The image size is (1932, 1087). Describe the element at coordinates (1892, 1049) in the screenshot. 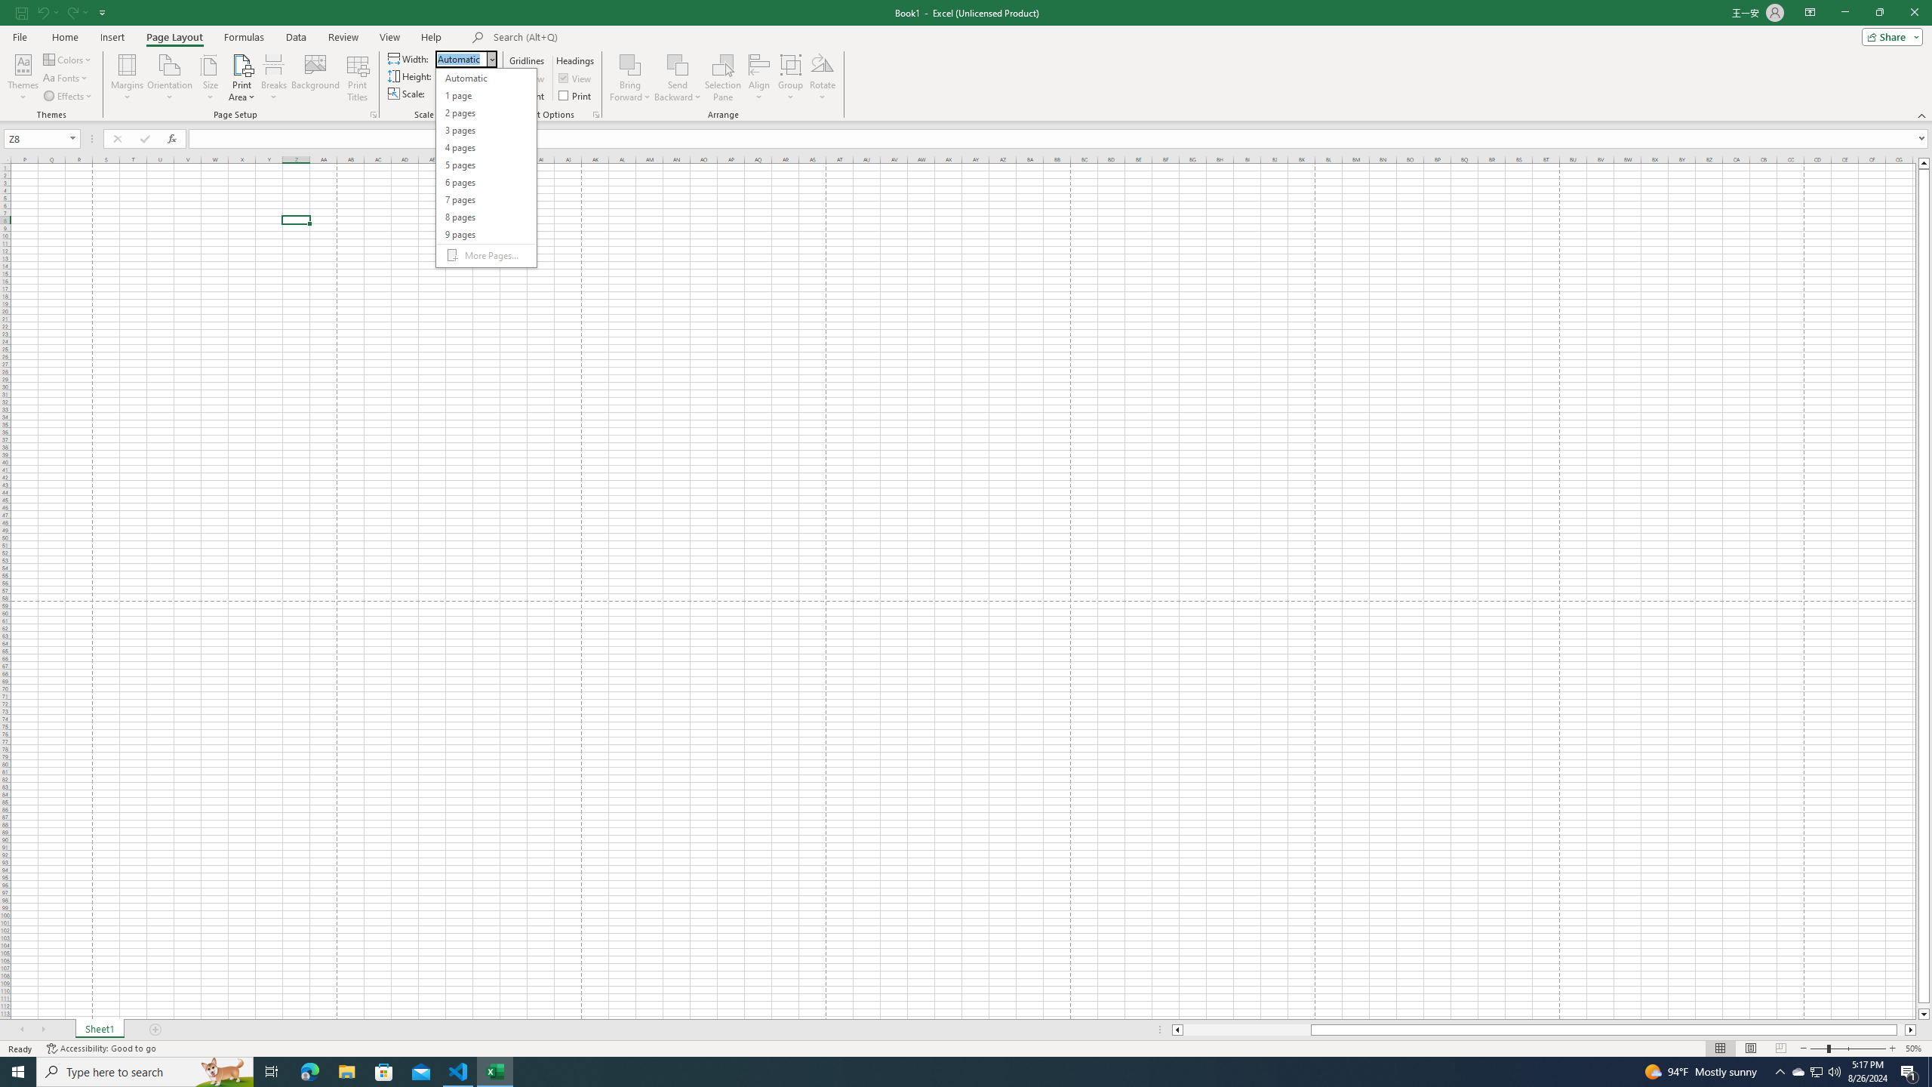

I see `'Zoom In'` at that location.